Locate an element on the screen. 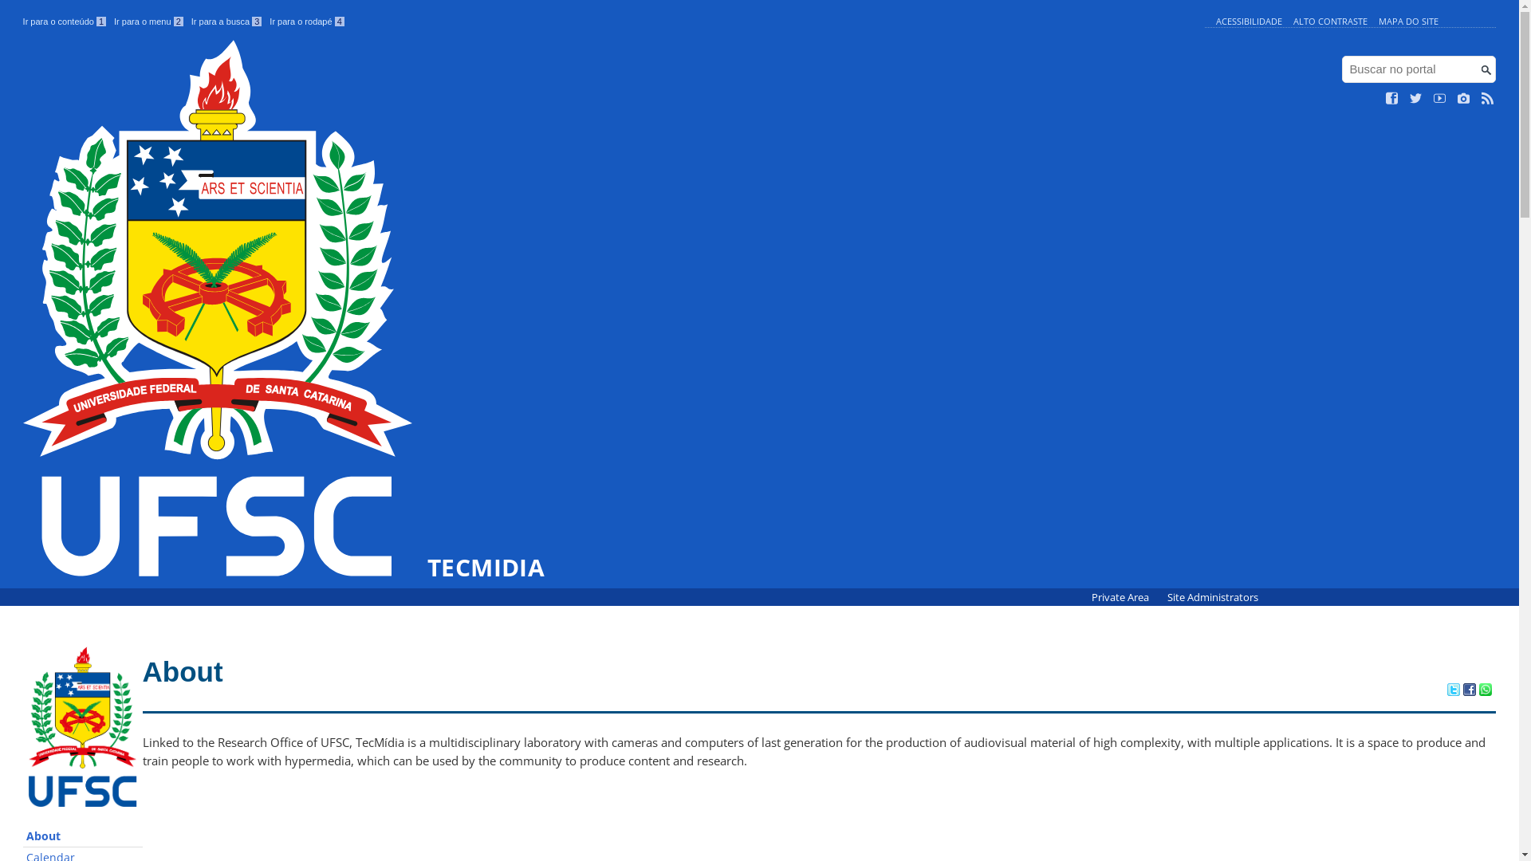  'Private Area' is located at coordinates (1120, 597).